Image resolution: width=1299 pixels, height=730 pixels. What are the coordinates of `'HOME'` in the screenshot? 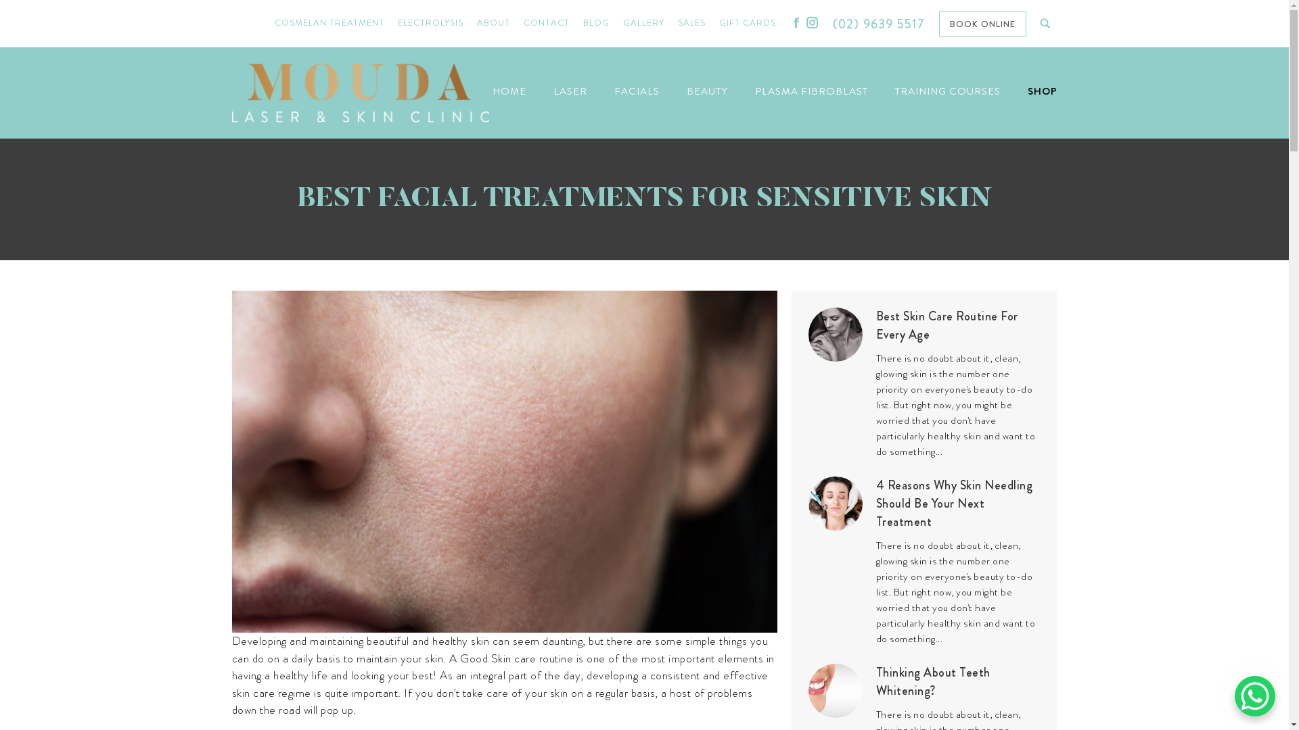 It's located at (509, 91).